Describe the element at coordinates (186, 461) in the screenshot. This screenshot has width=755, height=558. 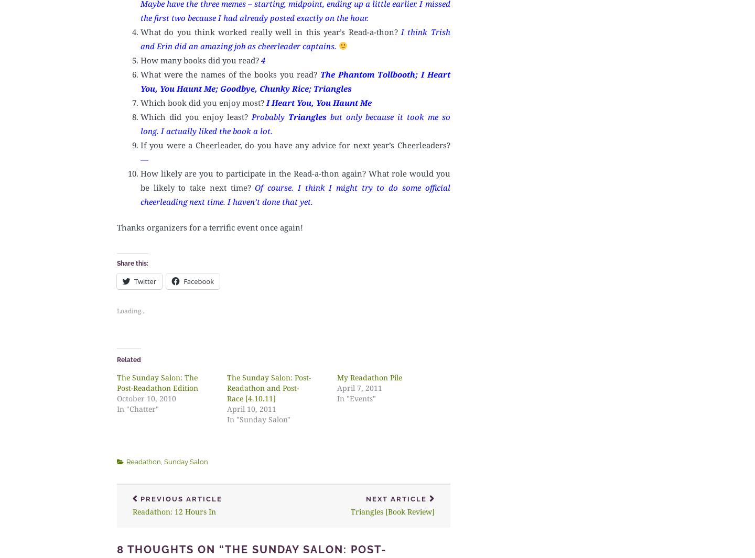
I see `'Sunday Salon'` at that location.